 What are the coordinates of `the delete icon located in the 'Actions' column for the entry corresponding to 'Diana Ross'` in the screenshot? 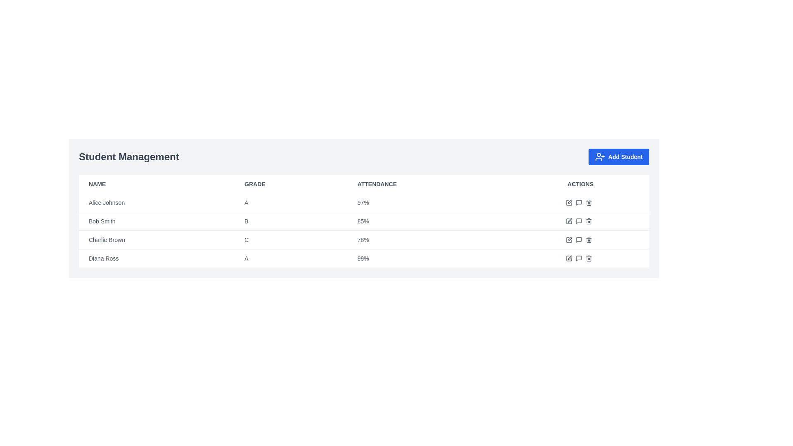 It's located at (588, 258).